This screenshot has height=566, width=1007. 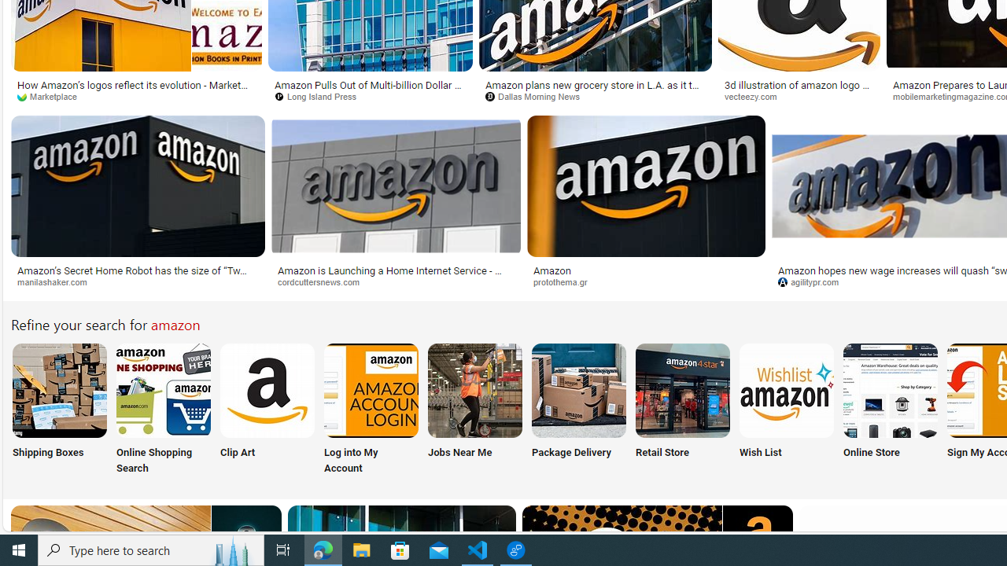 What do you see at coordinates (566, 281) in the screenshot?
I see `'protothema.gr'` at bounding box center [566, 281].